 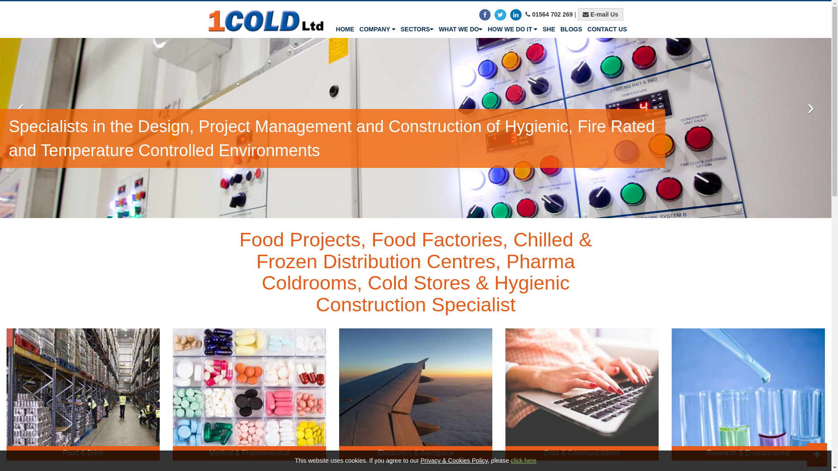 I want to click on 'click here', so click(x=523, y=460).